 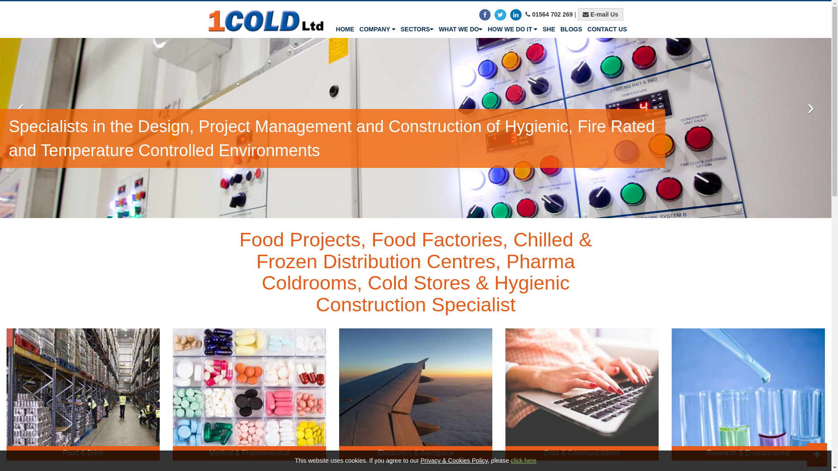 I want to click on 'click here', so click(x=523, y=460).